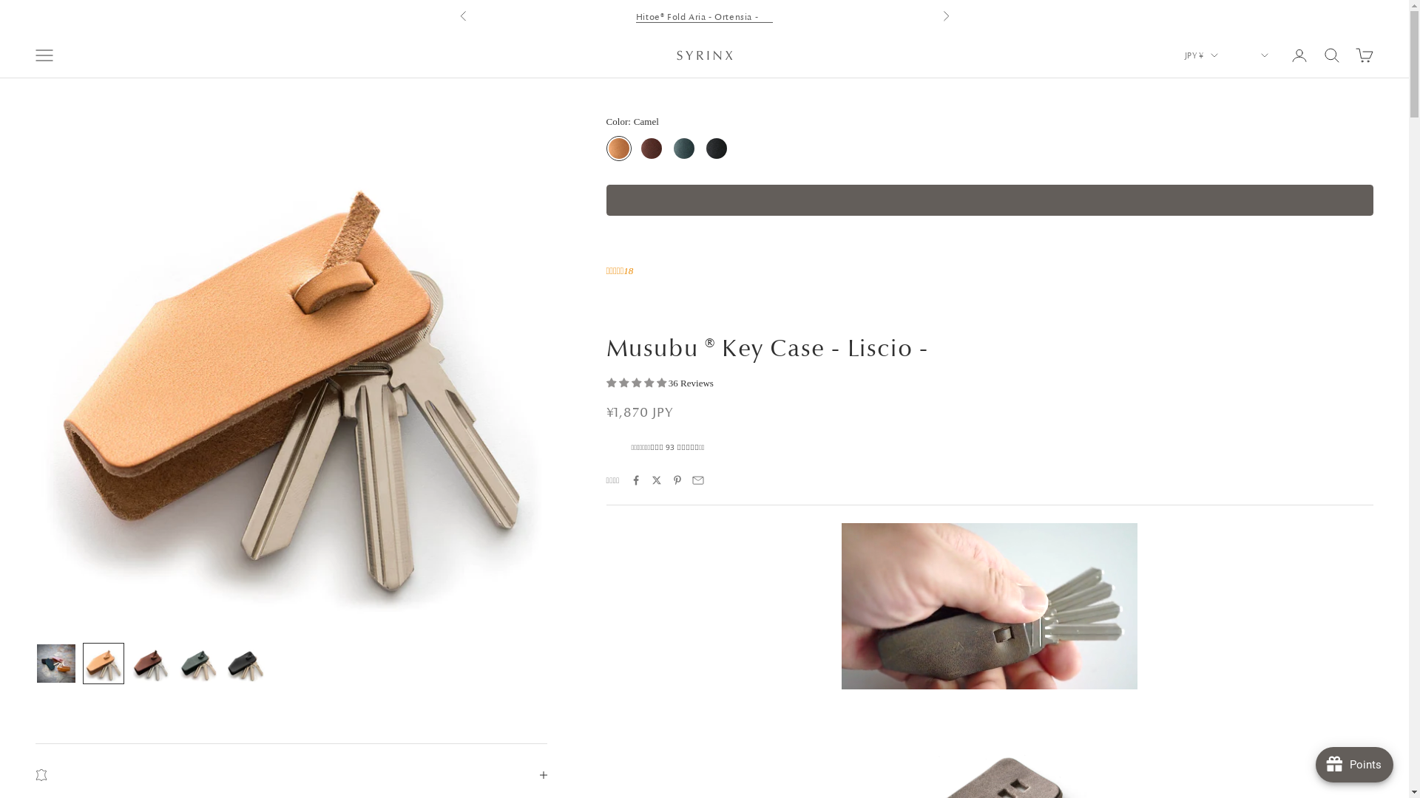 The width and height of the screenshot is (1420, 798). I want to click on 'Points', so click(1354, 764).